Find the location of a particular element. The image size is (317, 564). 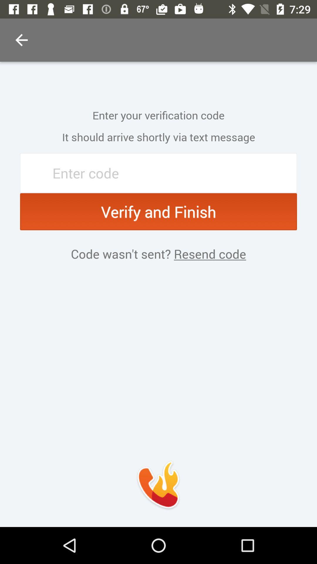

item above enter your verification item is located at coordinates (21, 40).